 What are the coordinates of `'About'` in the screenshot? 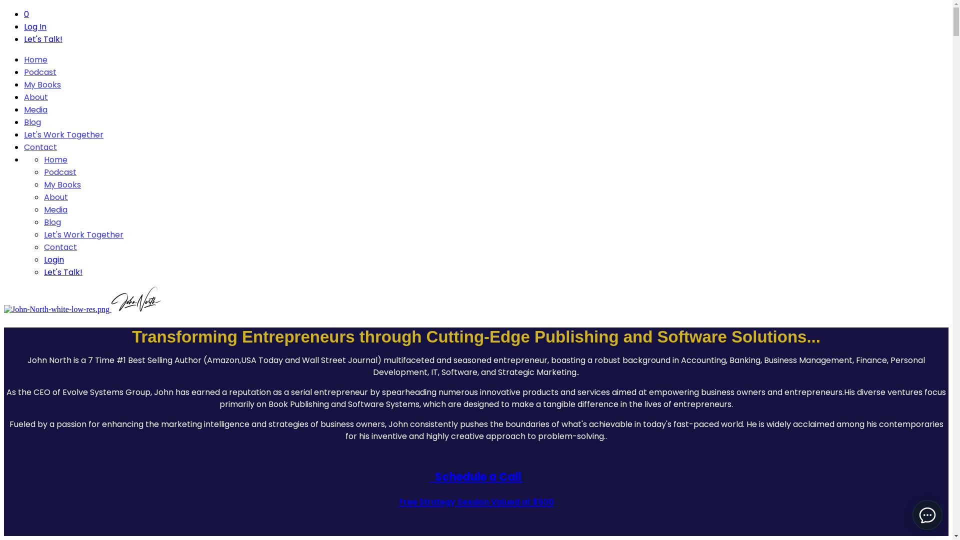 It's located at (43, 197).